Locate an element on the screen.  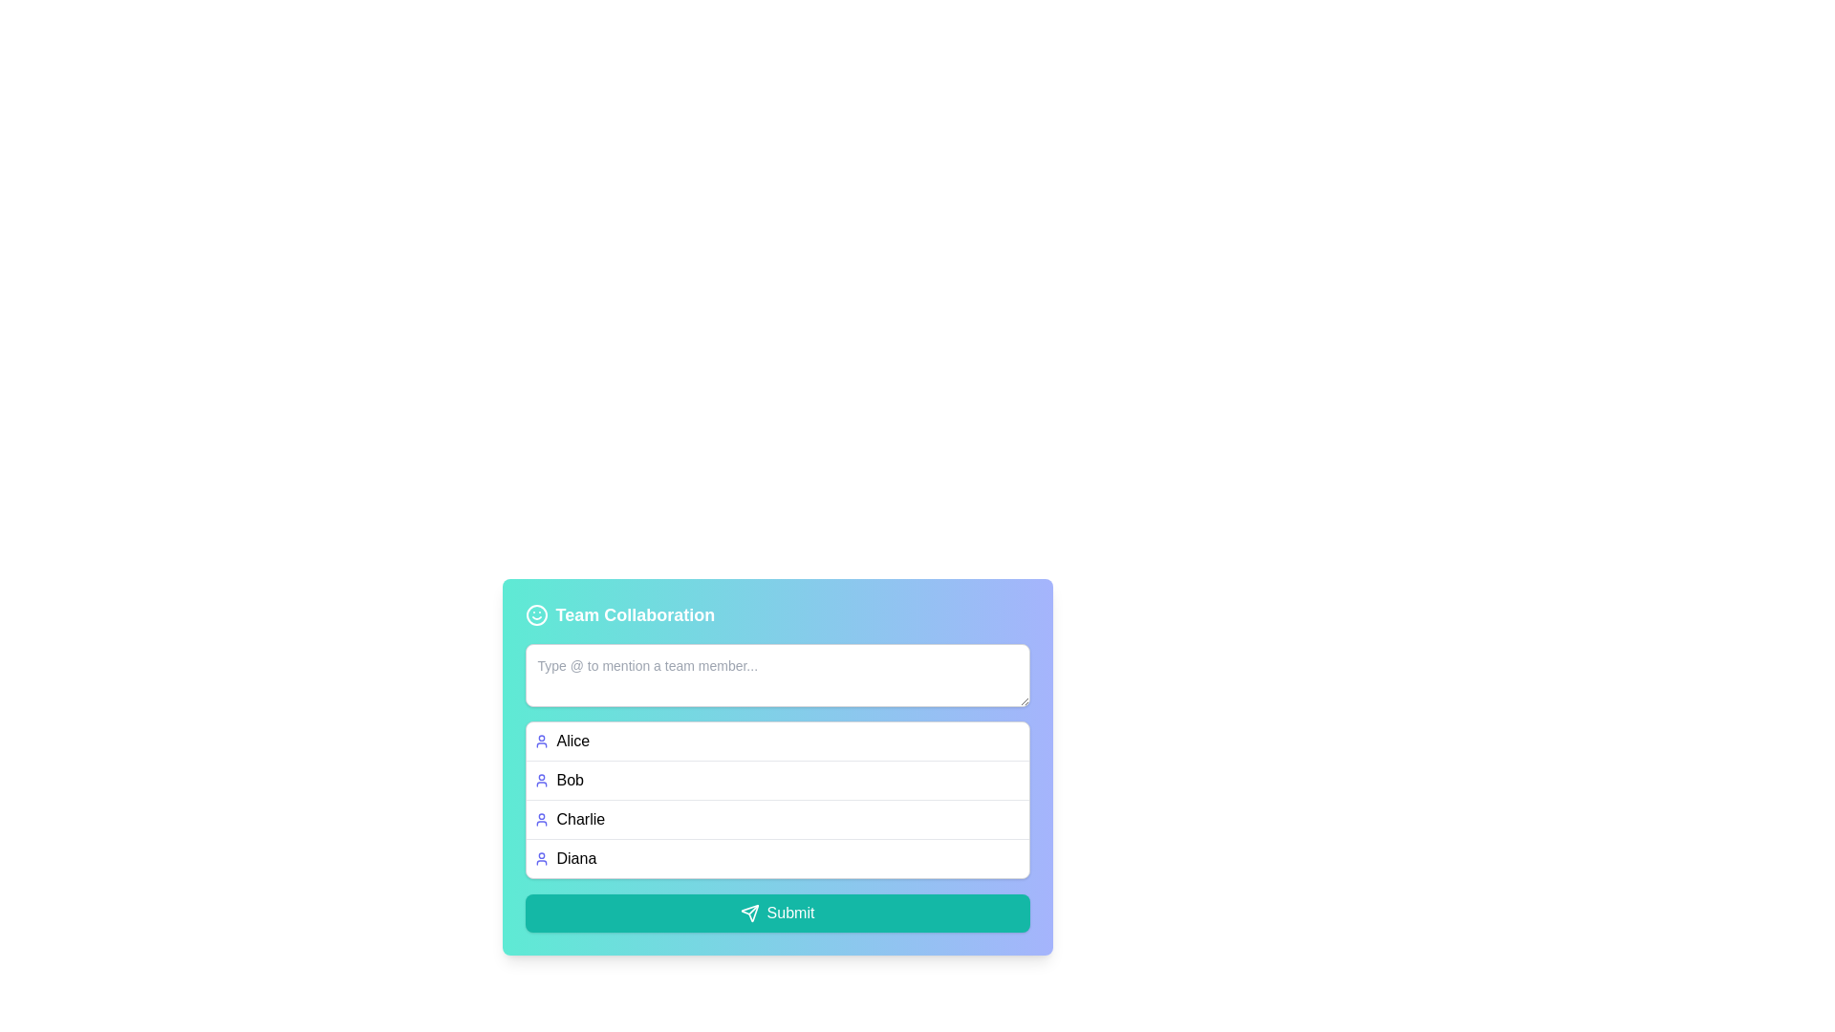
the confirm action button located at the bottom of the 'Team Collaboration' card for keyboard accessibility is located at coordinates (777, 913).